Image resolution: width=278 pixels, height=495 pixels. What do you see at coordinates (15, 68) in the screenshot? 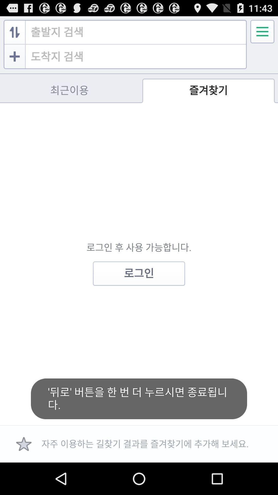
I see `the add icon` at bounding box center [15, 68].